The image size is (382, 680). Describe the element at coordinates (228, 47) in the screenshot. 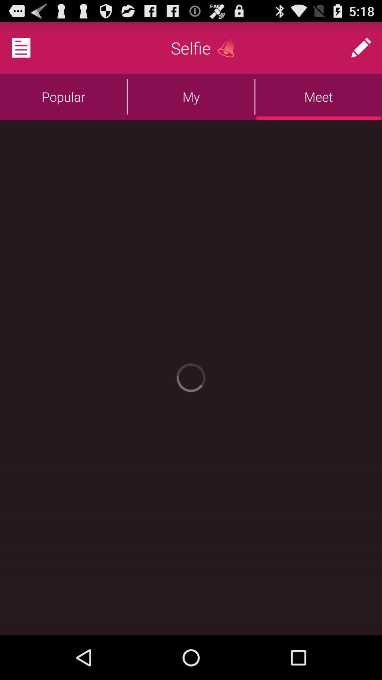

I see `icon to the right of the selfie` at that location.